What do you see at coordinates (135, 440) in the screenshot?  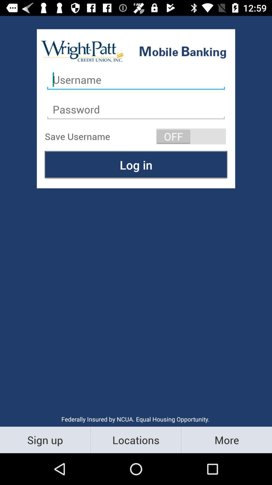 I see `the item to the right of sign up` at bounding box center [135, 440].